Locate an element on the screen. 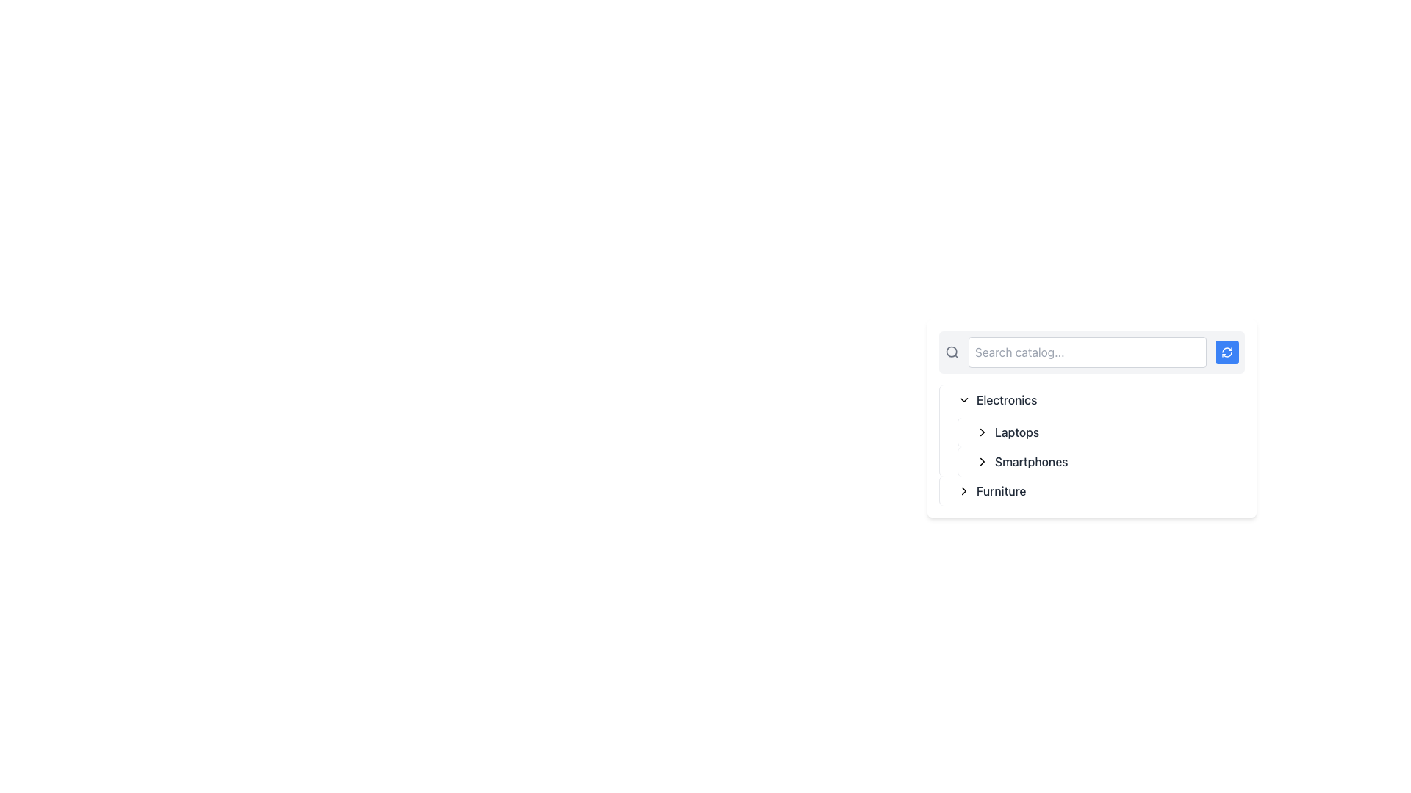 This screenshot has width=1411, height=793. the blue rounded button with a white refresh icon in the center is located at coordinates (1227, 352).